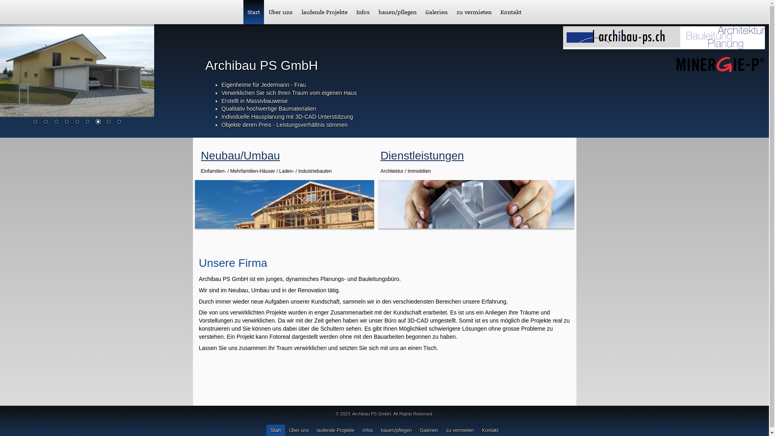 The height and width of the screenshot is (436, 775). I want to click on 'Dienstleistungen', so click(421, 155).